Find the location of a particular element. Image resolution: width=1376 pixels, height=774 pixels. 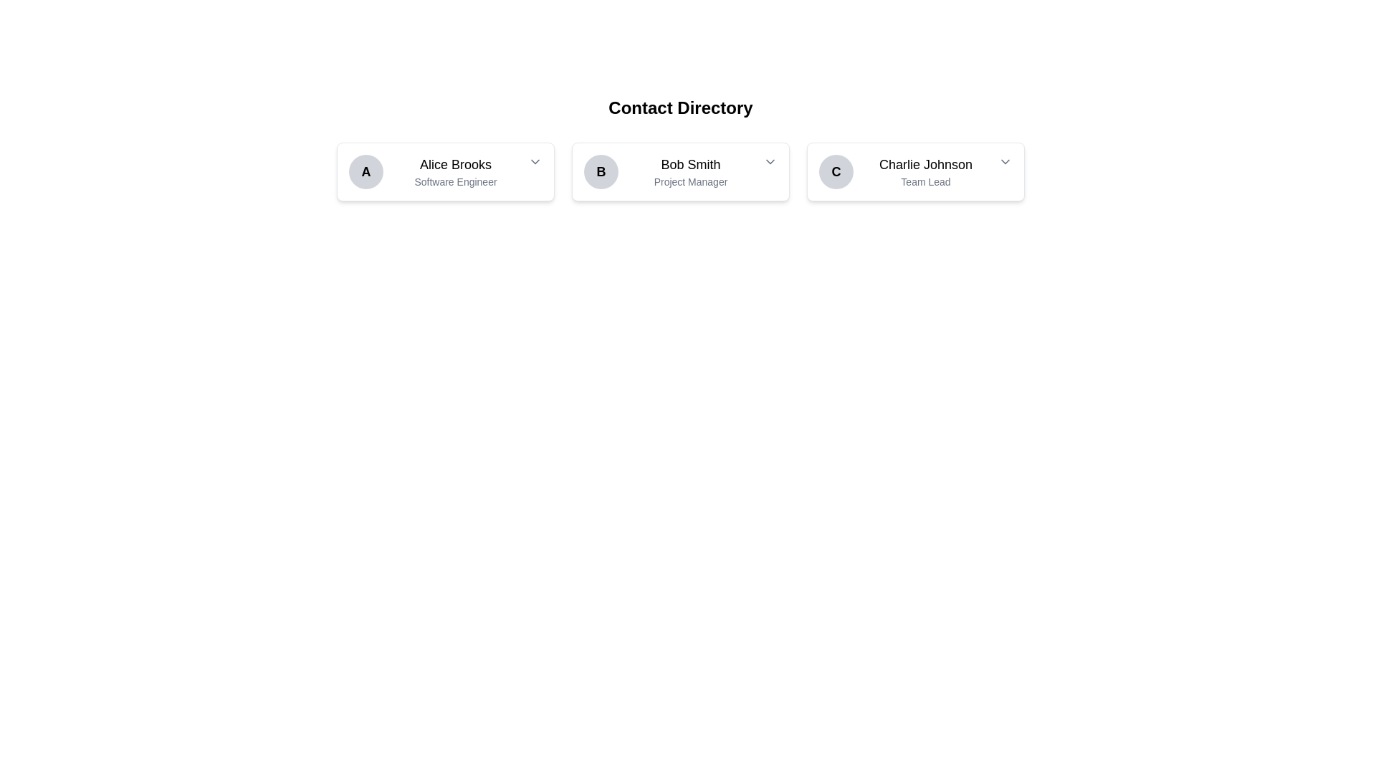

heading text located at the top of the directory section, which provides context for the user profile cards below it is located at coordinates (680, 107).